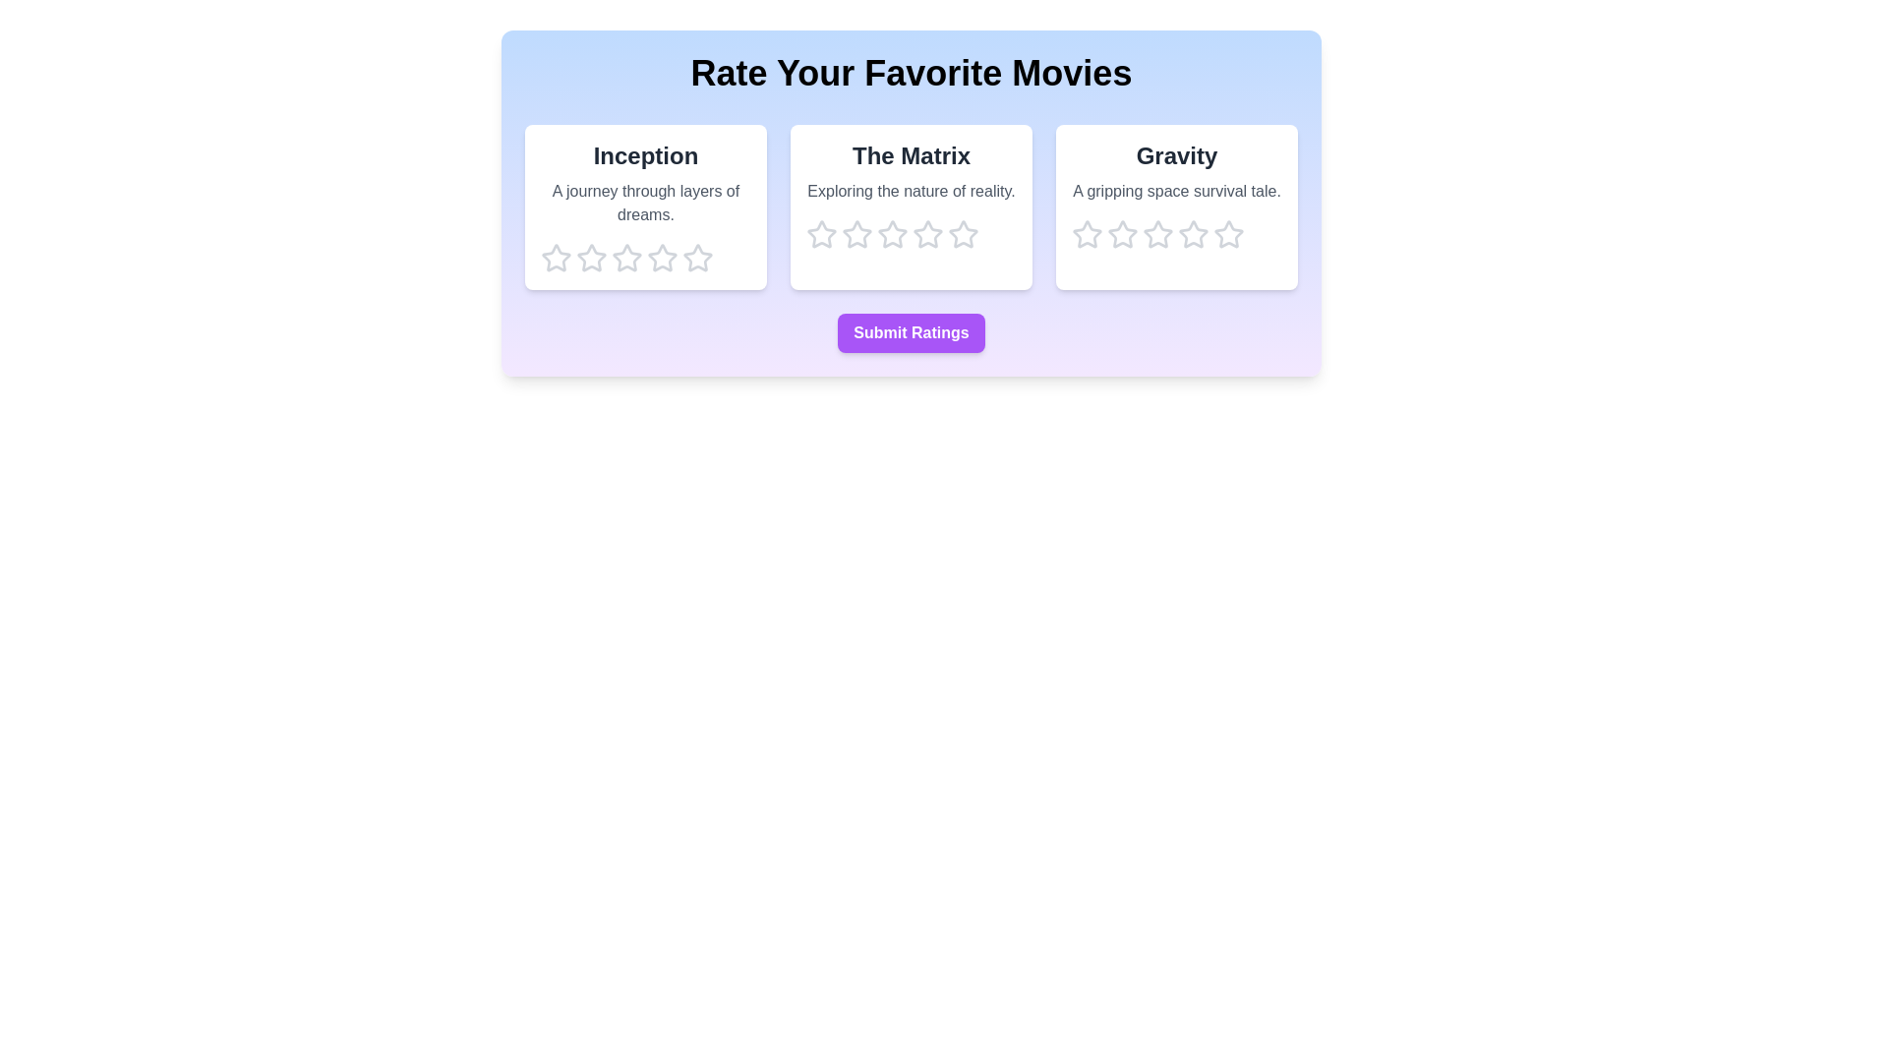 The height and width of the screenshot is (1062, 1888). I want to click on the star corresponding to 1 for the movie Inception, so click(556, 257).